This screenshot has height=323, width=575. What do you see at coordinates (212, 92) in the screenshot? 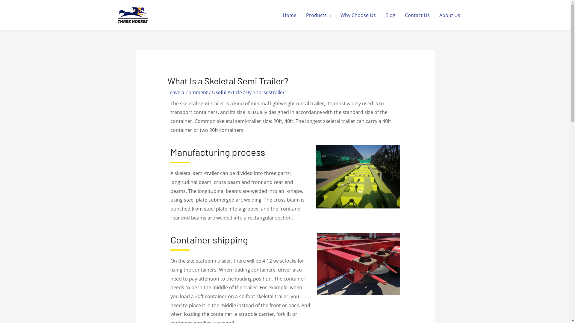
I see `'Useful Article'` at bounding box center [212, 92].